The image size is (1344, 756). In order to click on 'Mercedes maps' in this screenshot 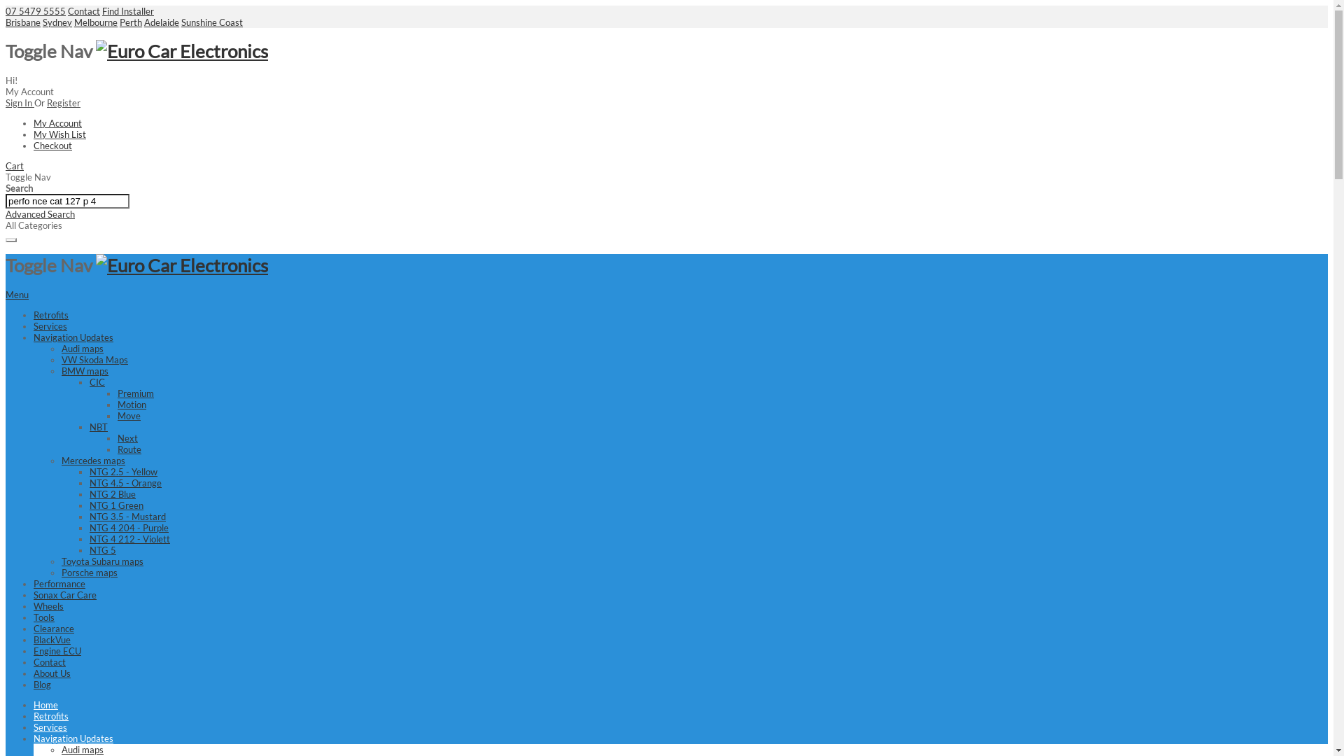, I will do `click(92, 461)`.